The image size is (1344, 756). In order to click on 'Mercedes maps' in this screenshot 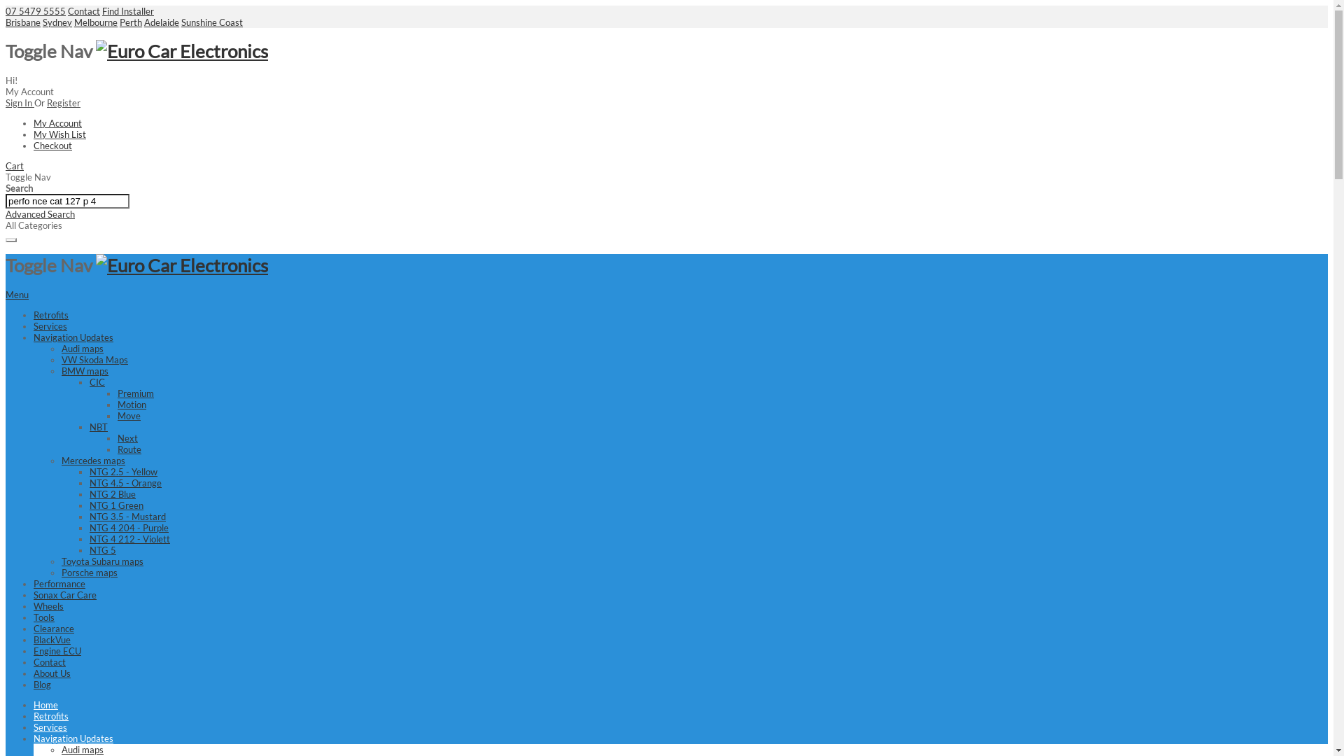, I will do `click(92, 461)`.